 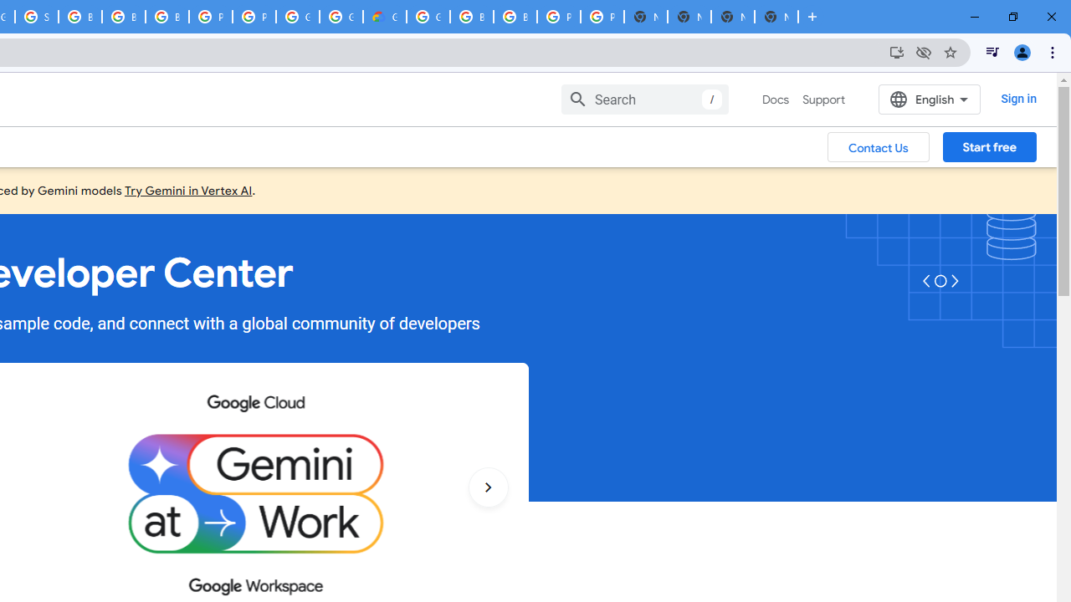 What do you see at coordinates (384, 17) in the screenshot?
I see `'Google Cloud Estimate Summary'` at bounding box center [384, 17].